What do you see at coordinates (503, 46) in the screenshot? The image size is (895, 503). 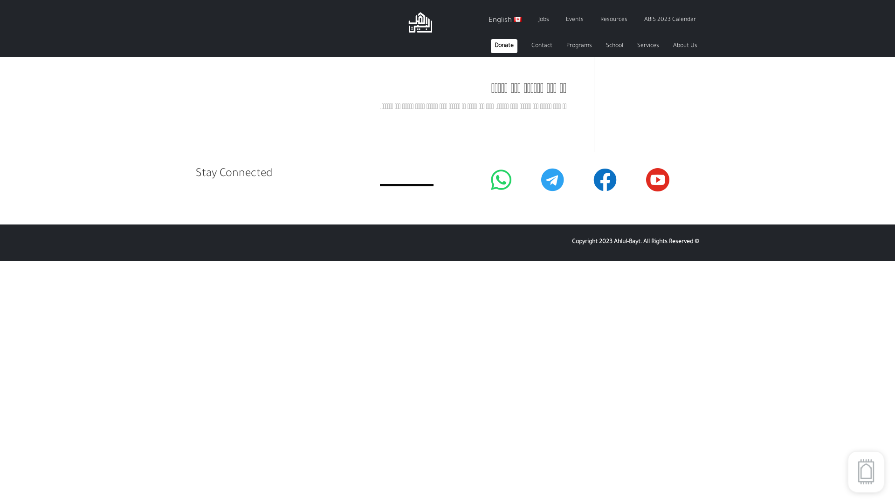 I see `'Donate'` at bounding box center [503, 46].